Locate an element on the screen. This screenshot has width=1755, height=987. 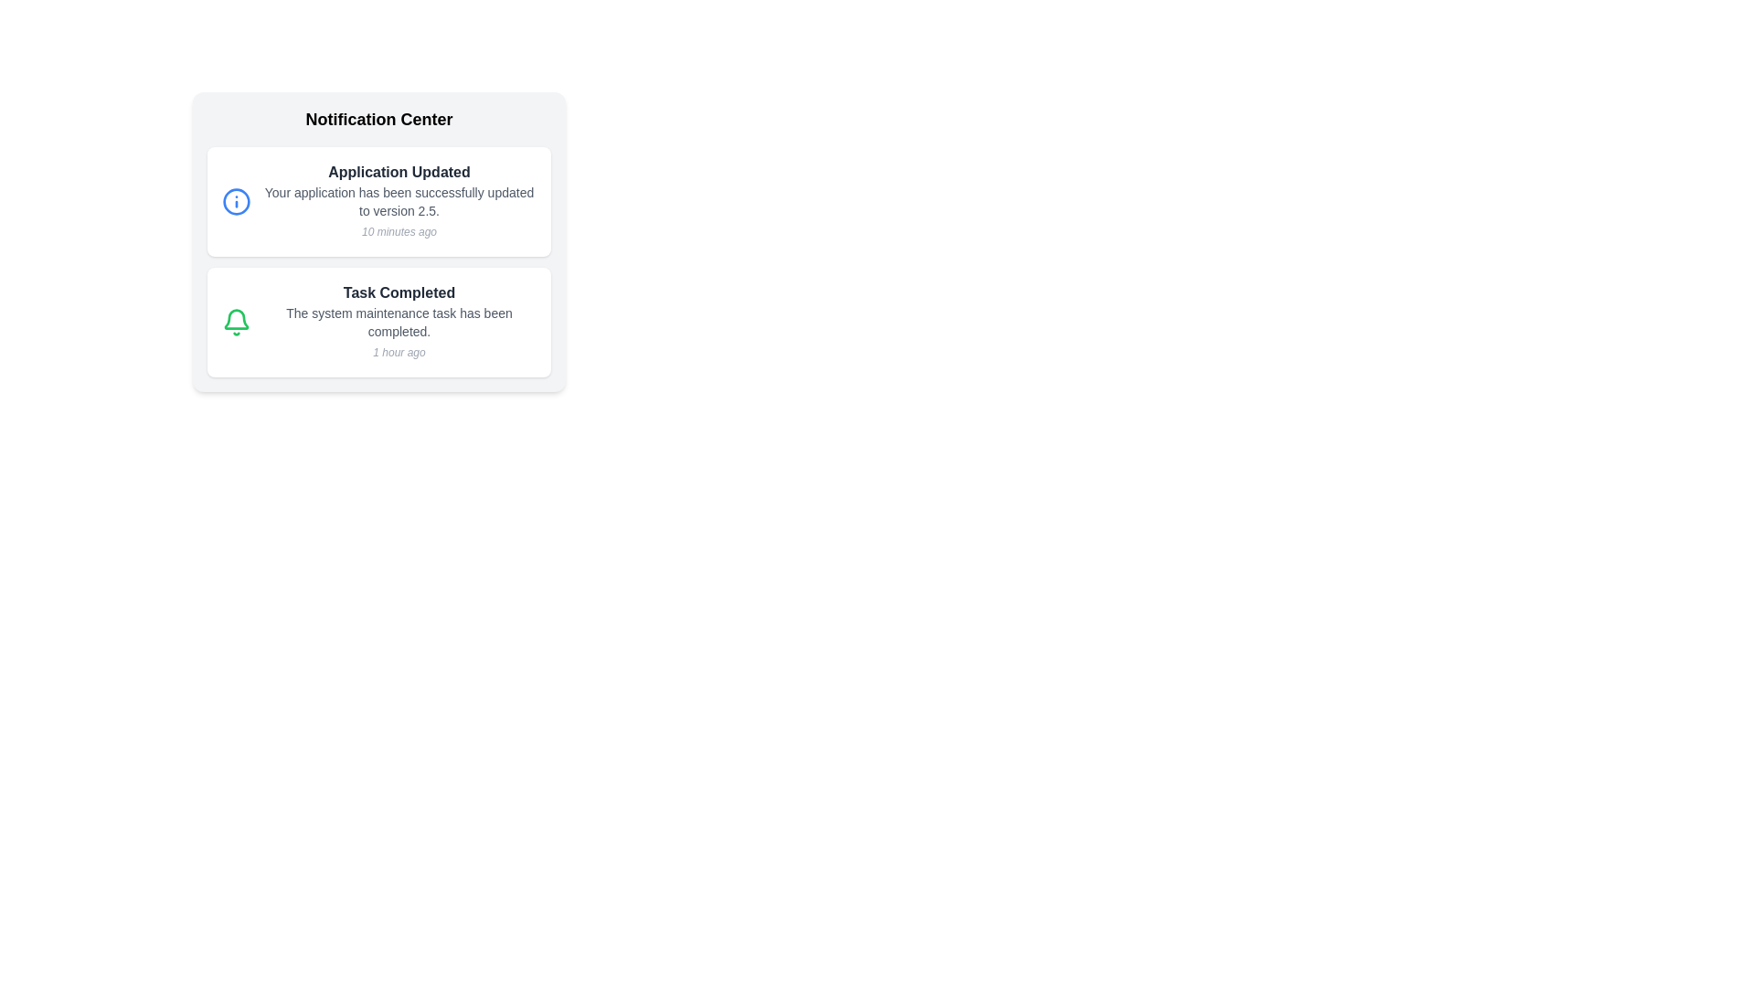
the informational text label indicating successful completion of the system maintenance task, located below the 'Task Completed' header and above the timestamp '1 hour ago' in the second notification card of the Notification Center is located at coordinates (398, 322).